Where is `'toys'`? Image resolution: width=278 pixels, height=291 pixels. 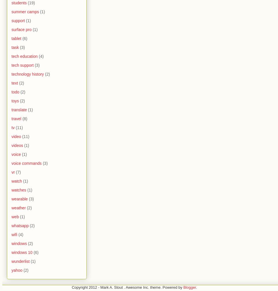
'toys' is located at coordinates (11, 100).